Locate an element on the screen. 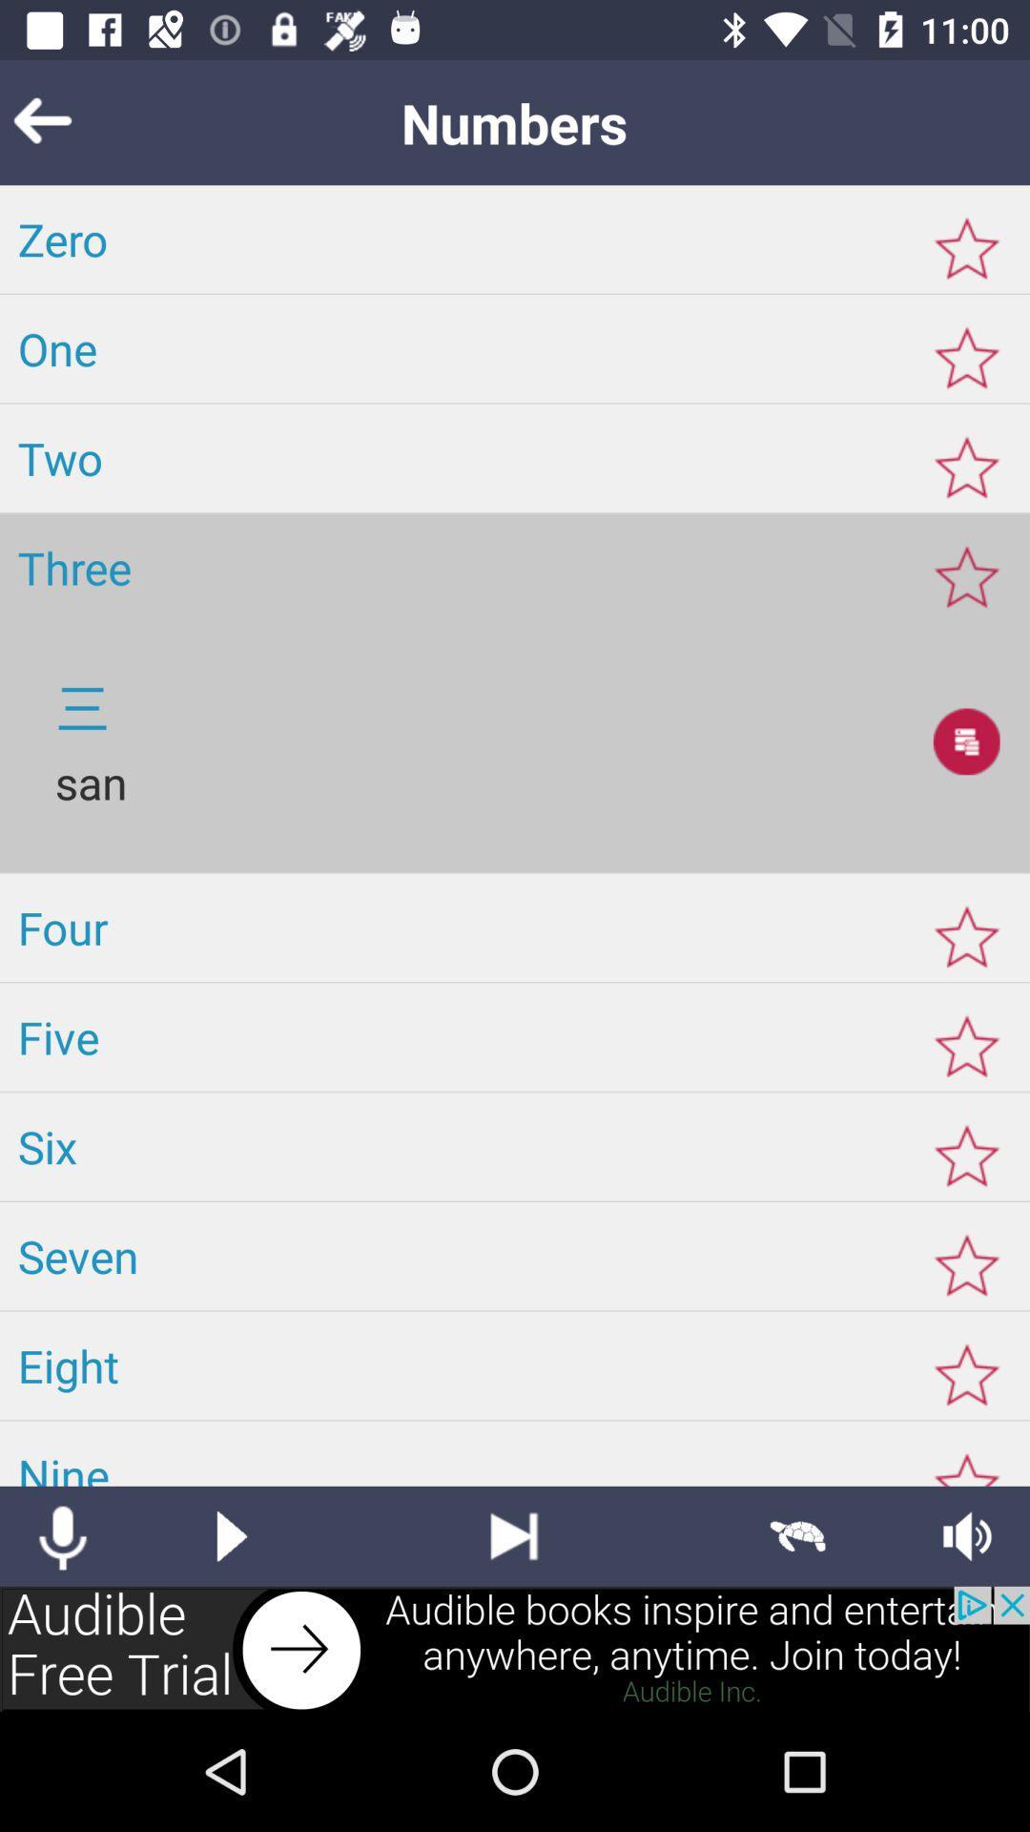 This screenshot has height=1832, width=1030. the microphone icon is located at coordinates (61, 1536).